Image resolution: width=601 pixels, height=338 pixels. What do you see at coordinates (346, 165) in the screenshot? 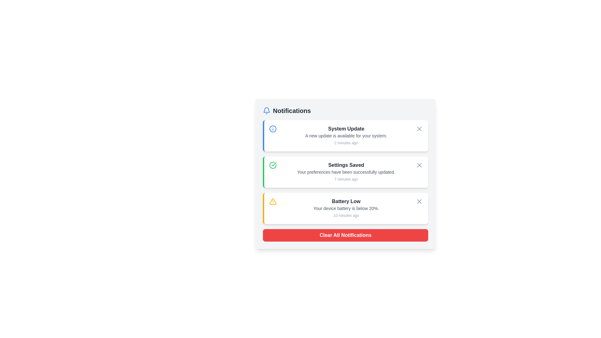
I see `the 'Settings Saved' text label, which is bold and displayed in a serif font, located in the middle card of the notification panel` at bounding box center [346, 165].